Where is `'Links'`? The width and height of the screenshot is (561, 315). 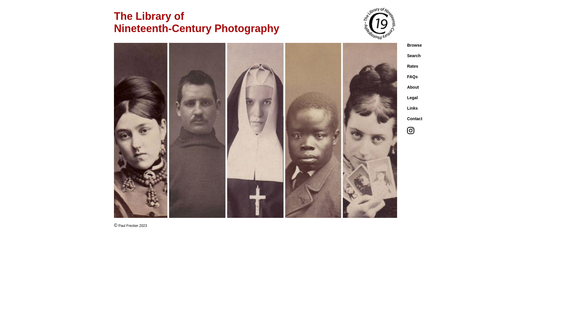
'Links' is located at coordinates (412, 108).